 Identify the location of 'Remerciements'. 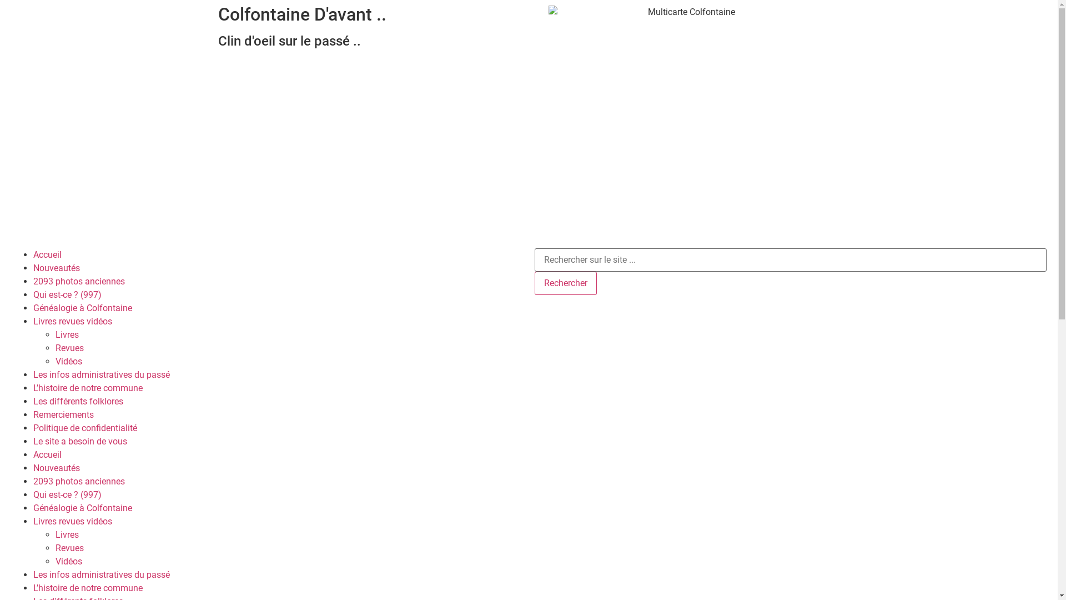
(63, 414).